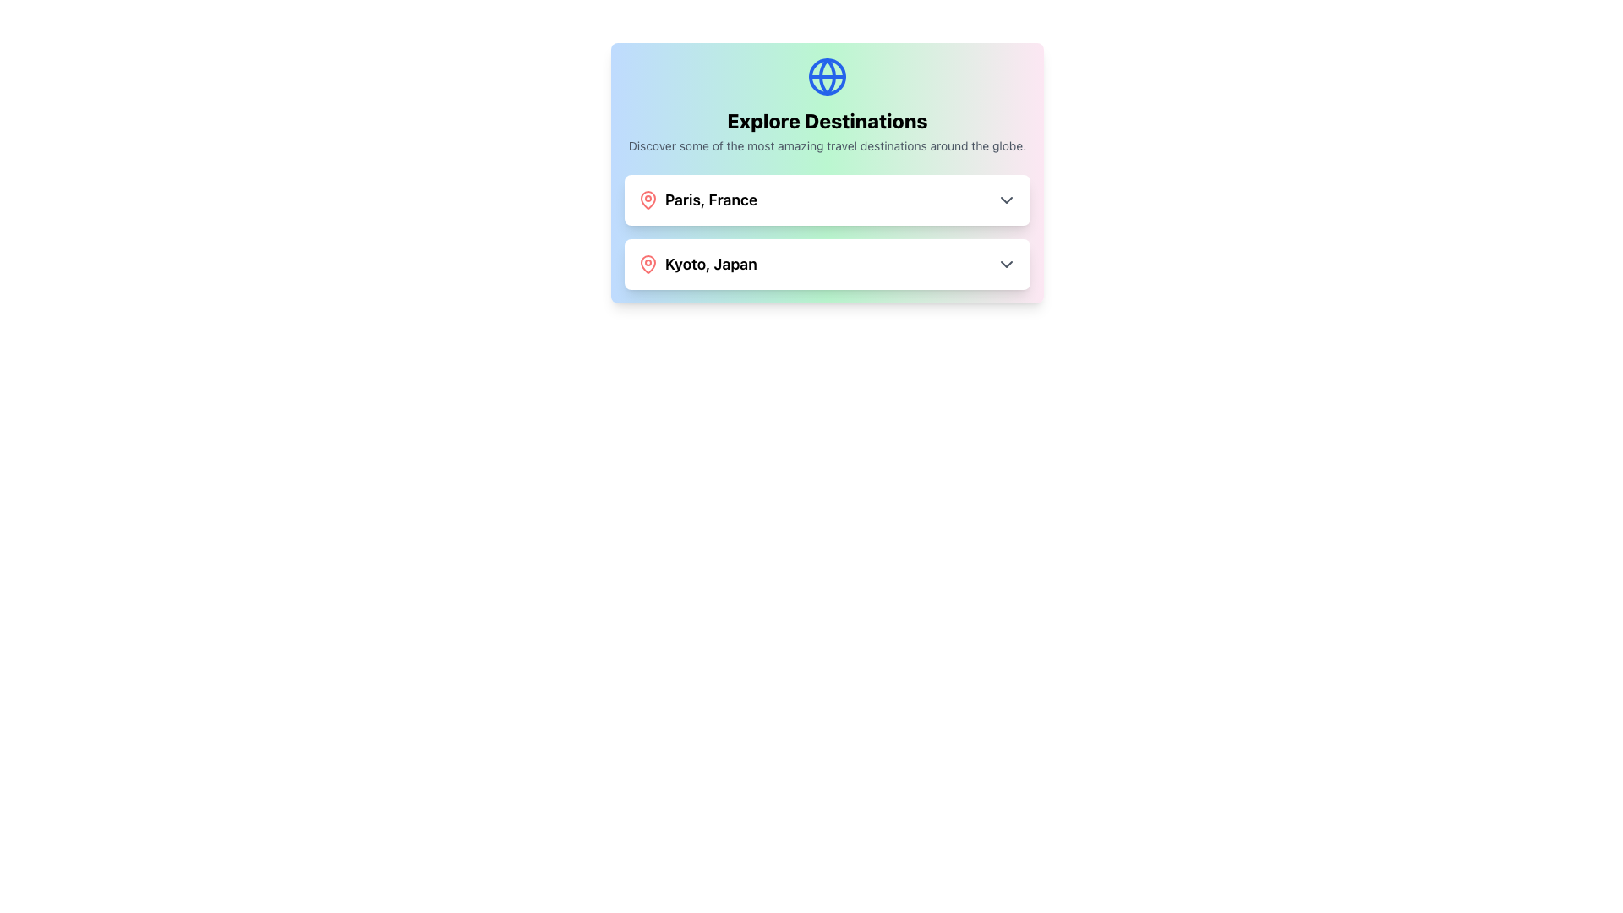 The width and height of the screenshot is (1623, 913). What do you see at coordinates (1006, 264) in the screenshot?
I see `the downward-facing chevron icon located on the far right side of the 'Kyoto, Japan' selection row` at bounding box center [1006, 264].